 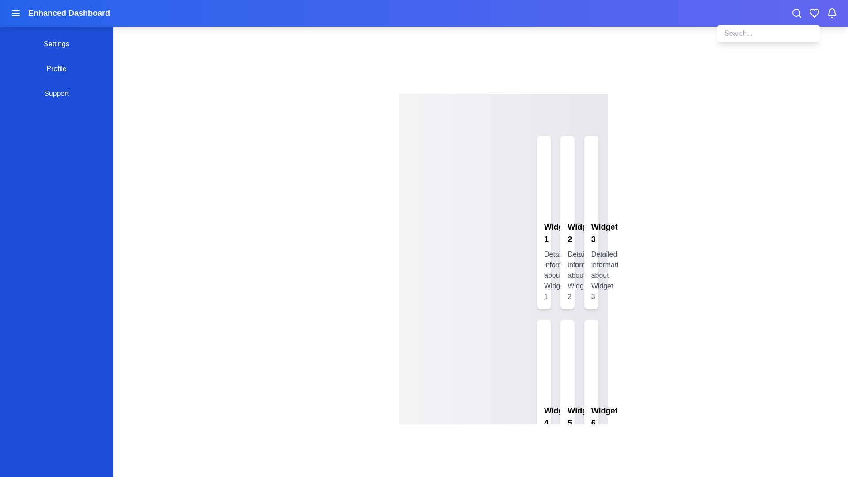 I want to click on the heart icon button located in the top-right corner of the header bar, so click(x=814, y=13).